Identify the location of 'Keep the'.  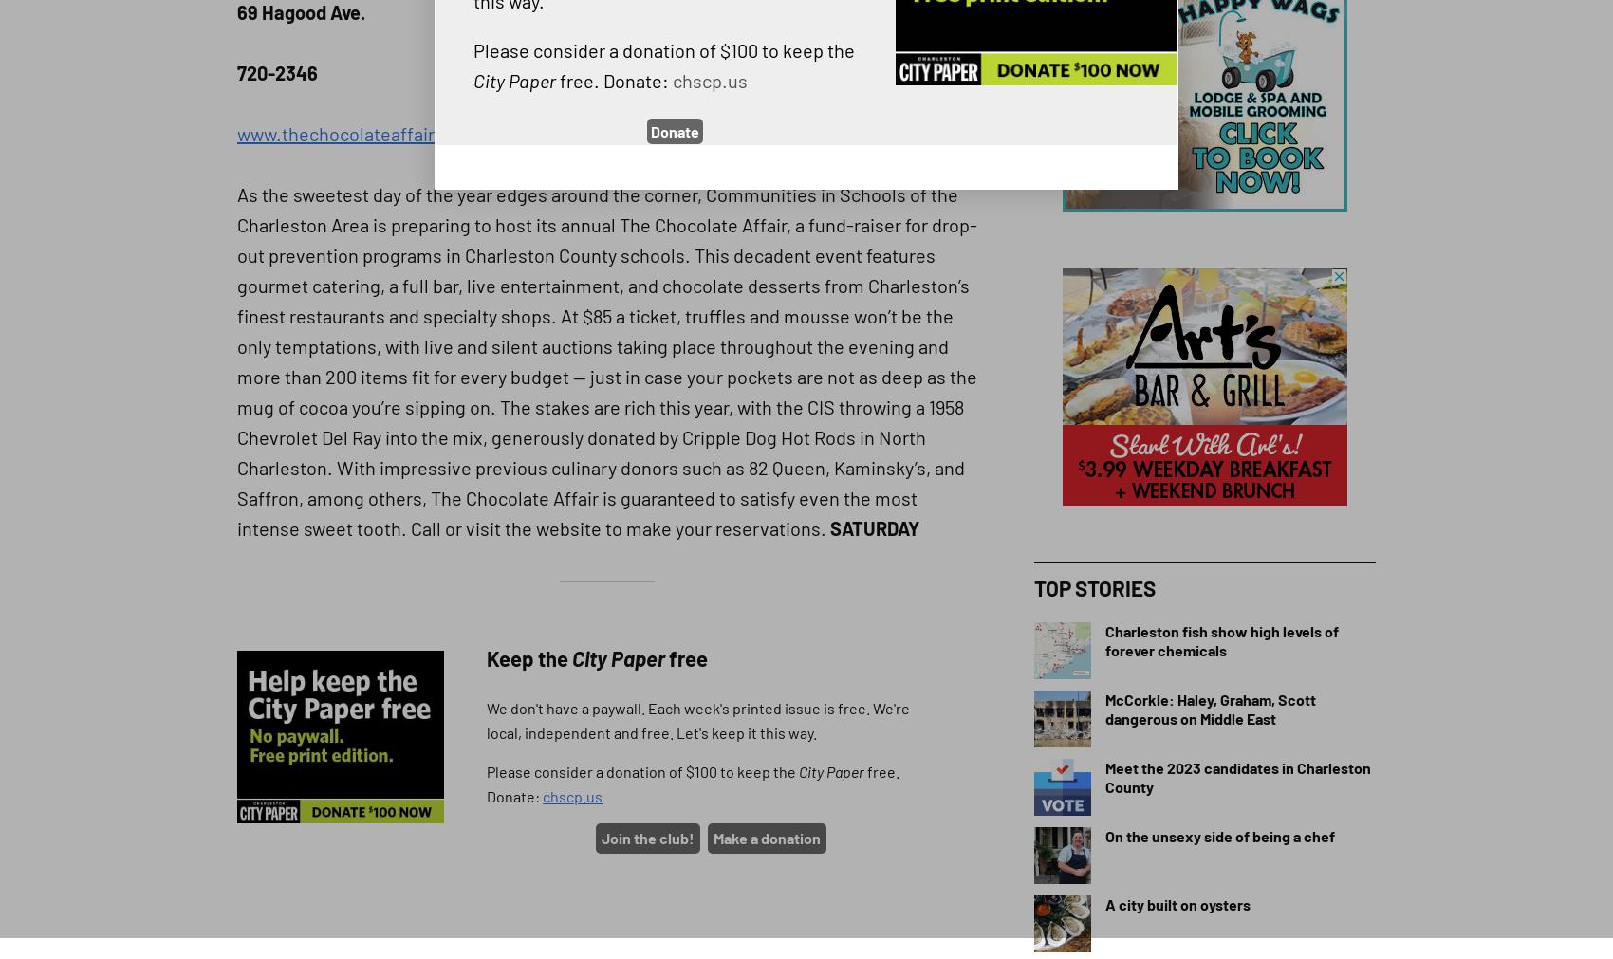
(528, 656).